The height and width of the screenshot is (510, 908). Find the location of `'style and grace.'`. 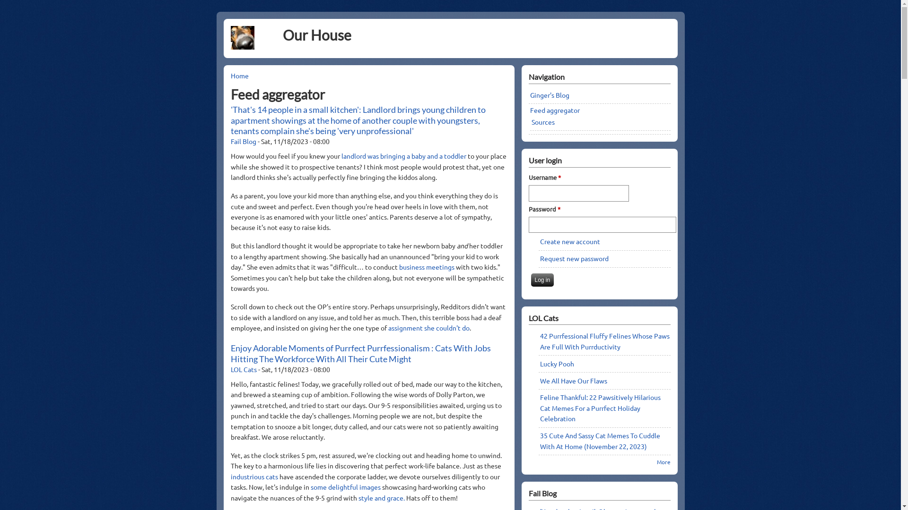

'style and grace.' is located at coordinates (382, 497).